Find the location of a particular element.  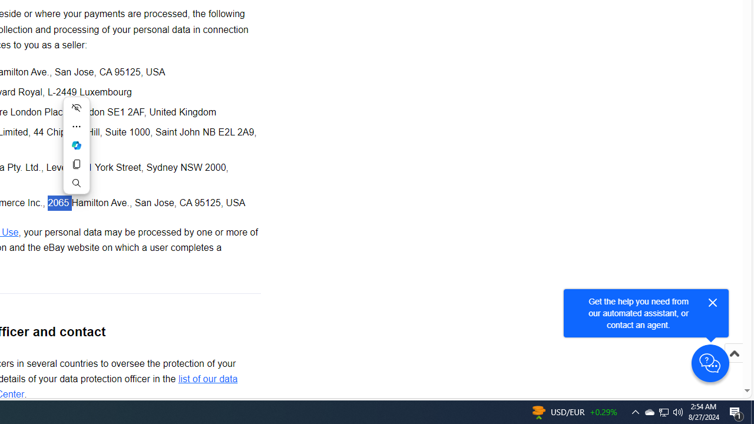

'Mini menu on text selection' is located at coordinates (75, 152).